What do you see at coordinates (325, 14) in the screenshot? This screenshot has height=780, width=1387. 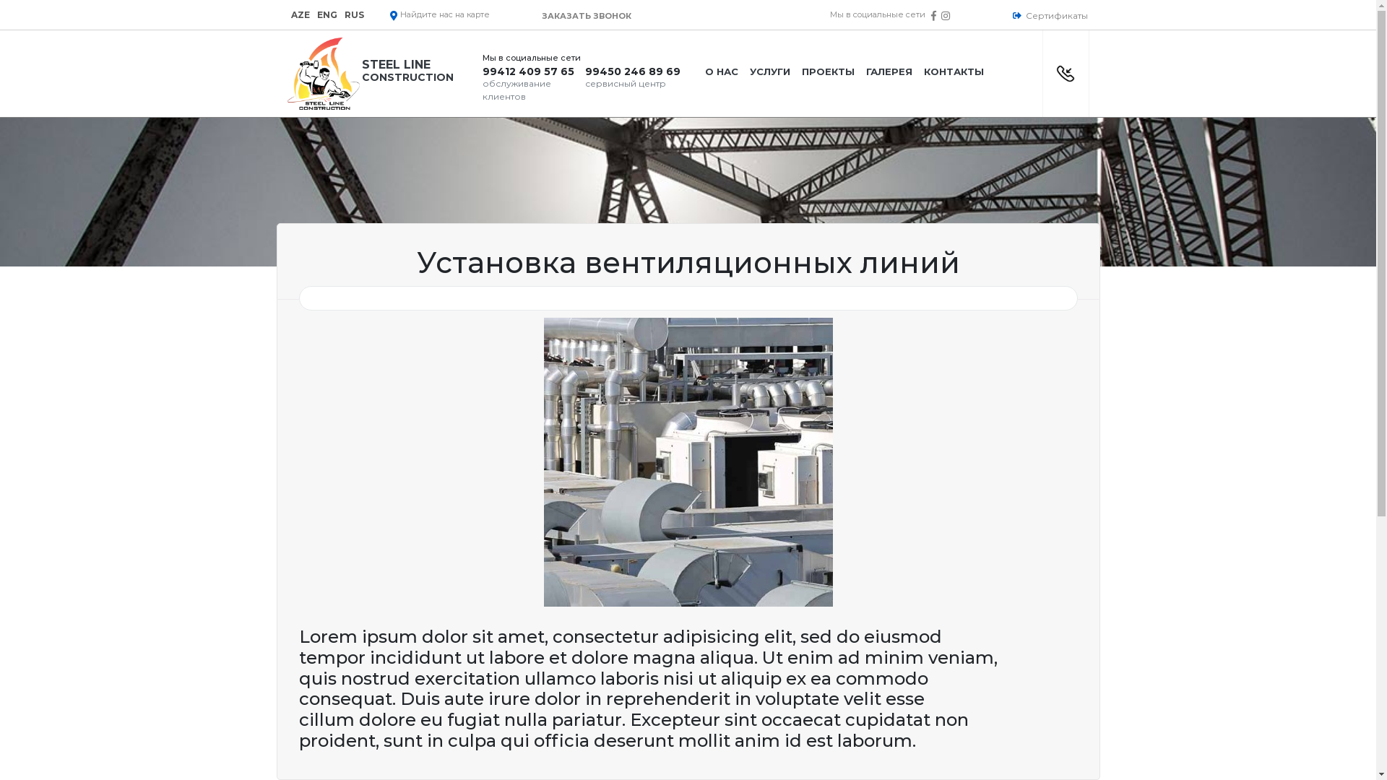 I see `'ENG'` at bounding box center [325, 14].